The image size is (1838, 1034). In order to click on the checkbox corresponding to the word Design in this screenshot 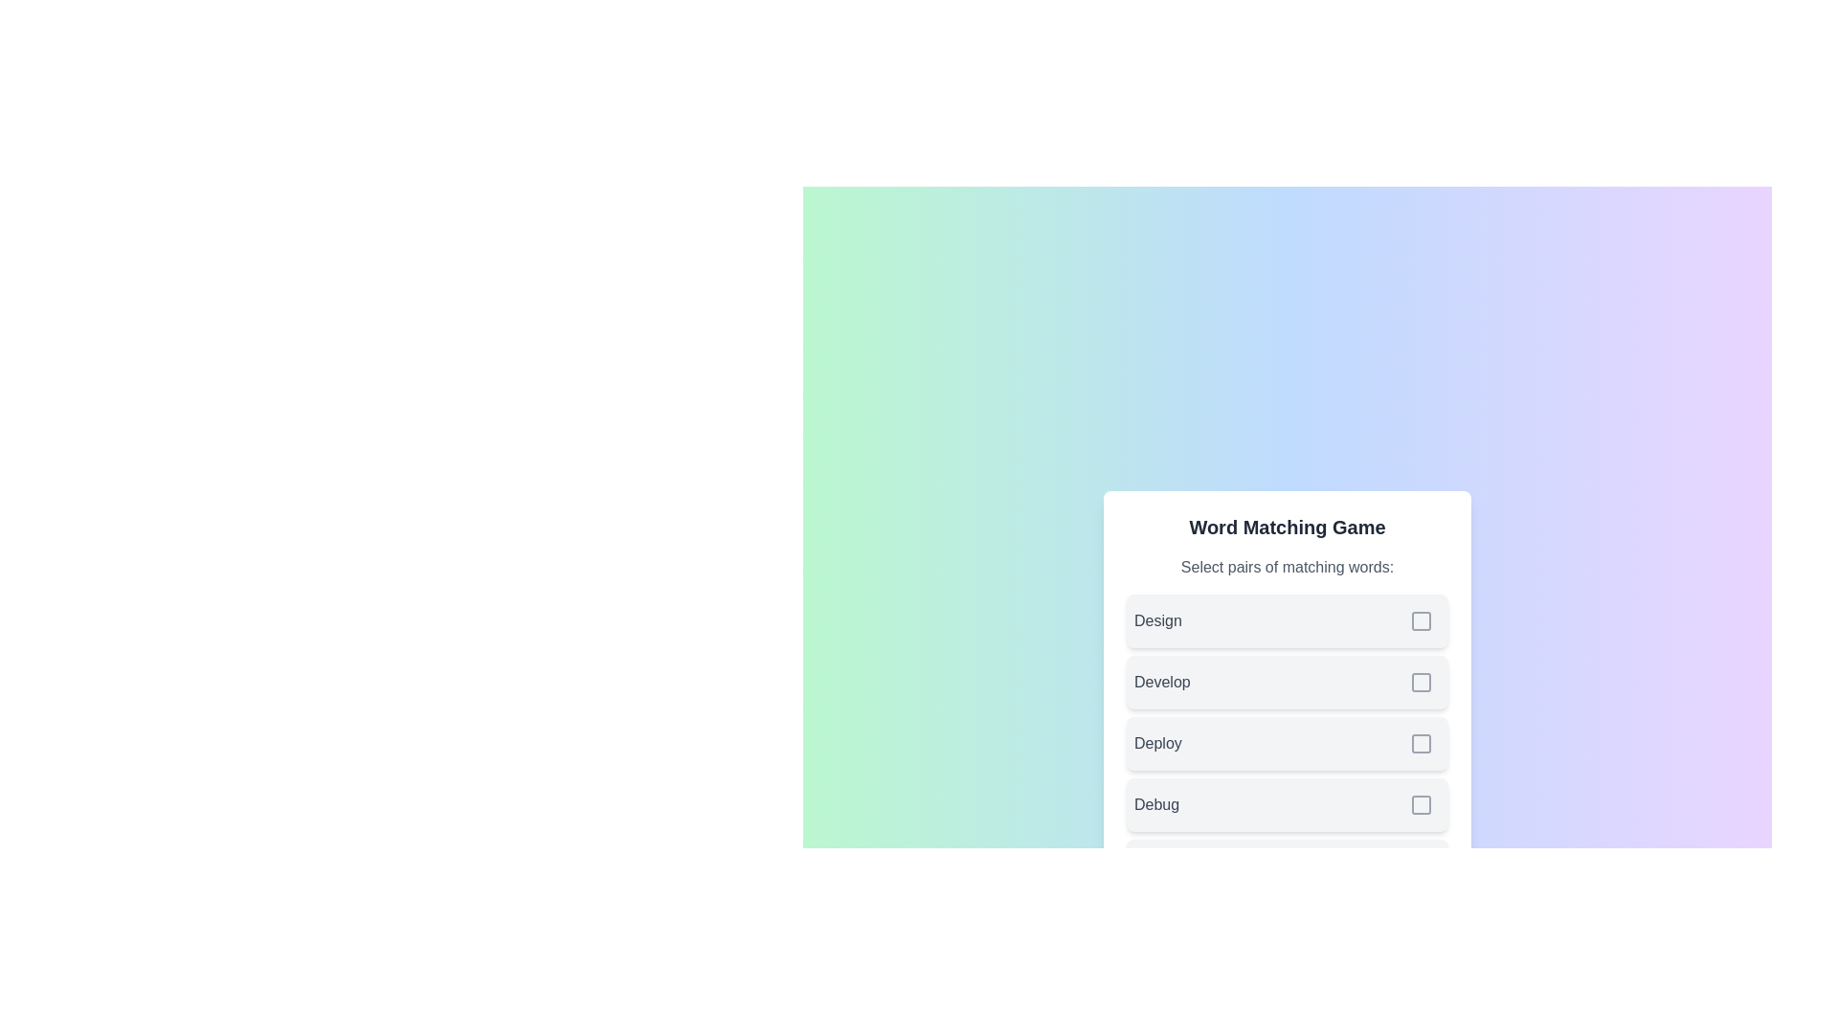, I will do `click(1421, 620)`.